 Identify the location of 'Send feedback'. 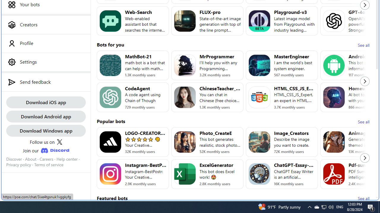
(45, 82).